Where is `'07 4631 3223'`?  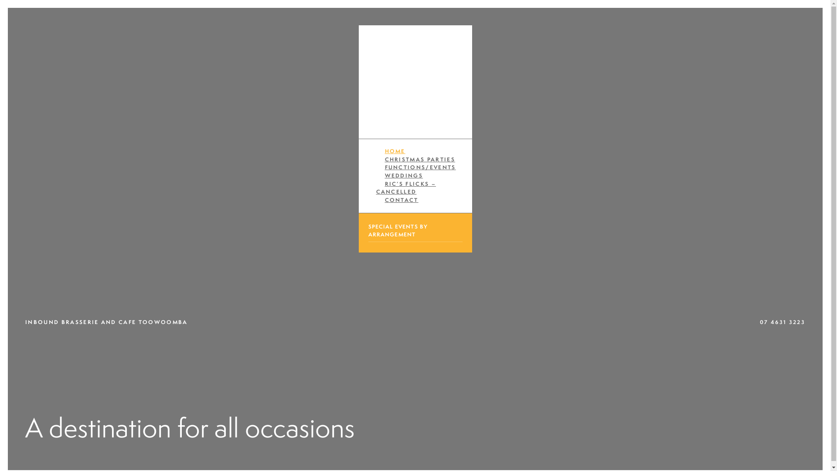 '07 4631 3223' is located at coordinates (783, 322).